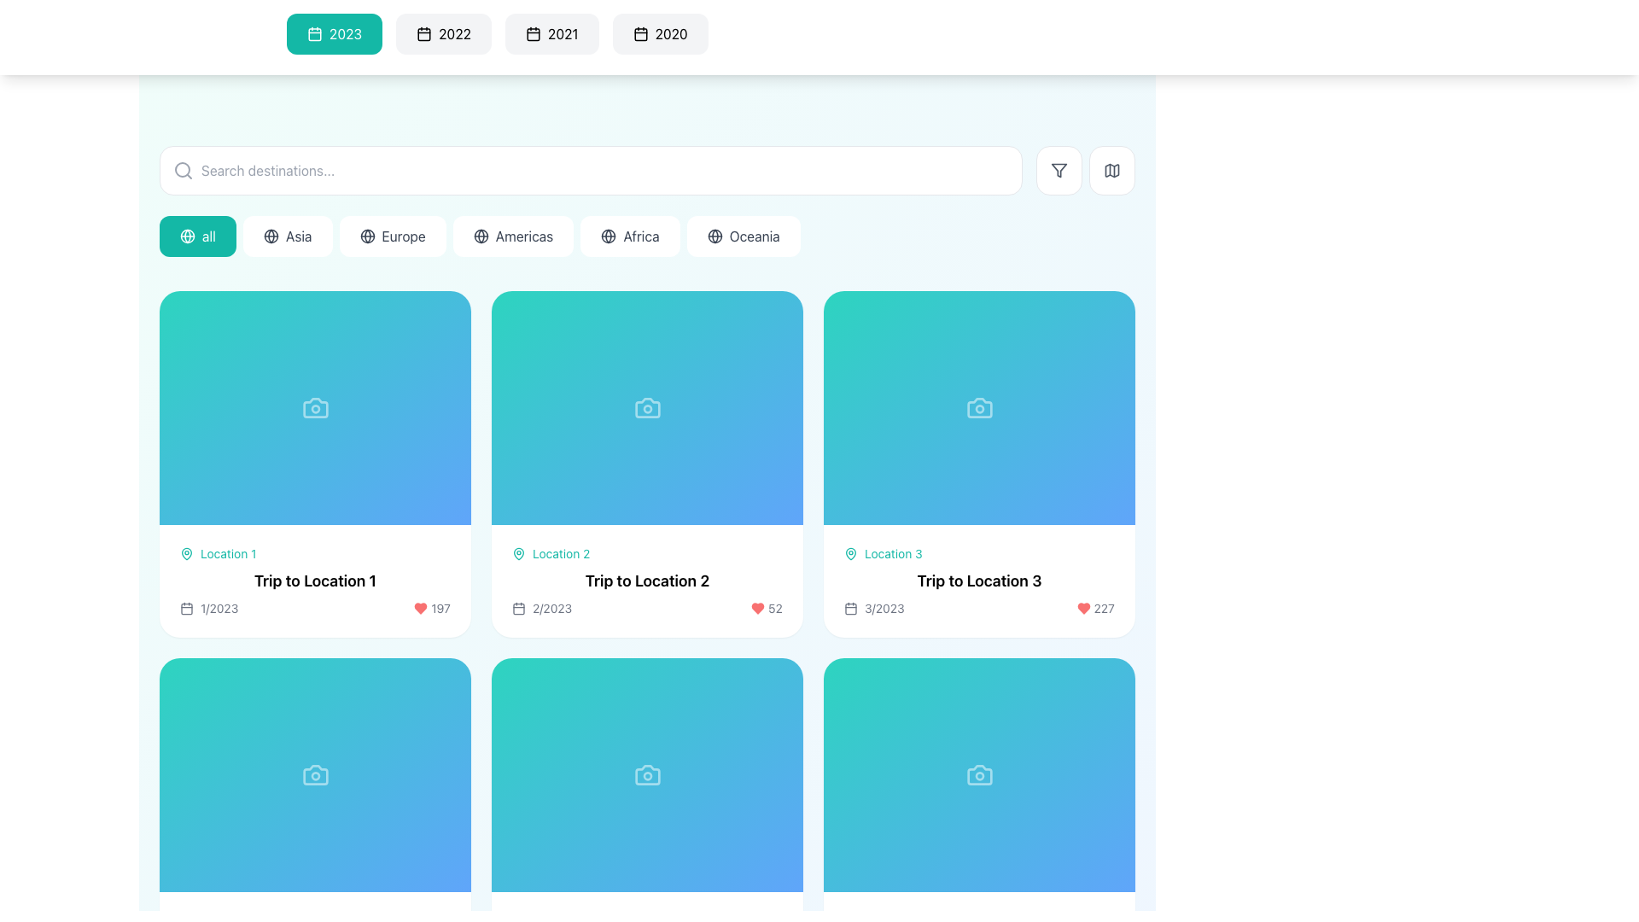 The height and width of the screenshot is (922, 1639). I want to click on the decorative or informational icon indicating the presence of a location-related label for 'Location 2', which is positioned to the left of the text in the second trip card ('Trip to Location 2'), so click(518, 553).